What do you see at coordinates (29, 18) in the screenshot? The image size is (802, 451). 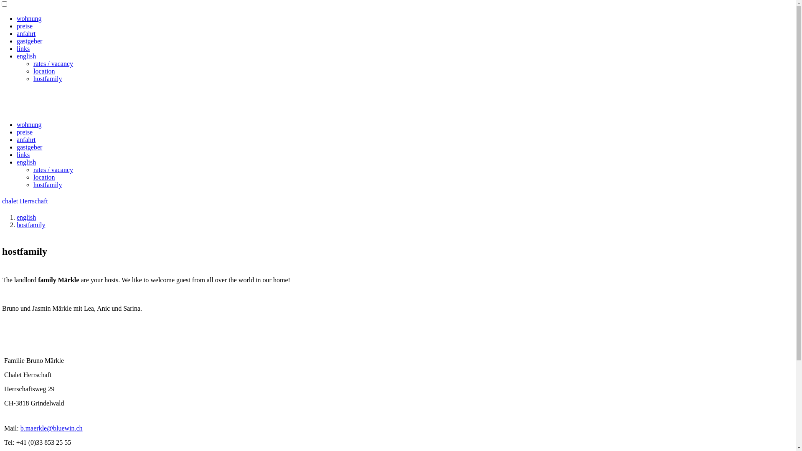 I see `'wohnung'` at bounding box center [29, 18].